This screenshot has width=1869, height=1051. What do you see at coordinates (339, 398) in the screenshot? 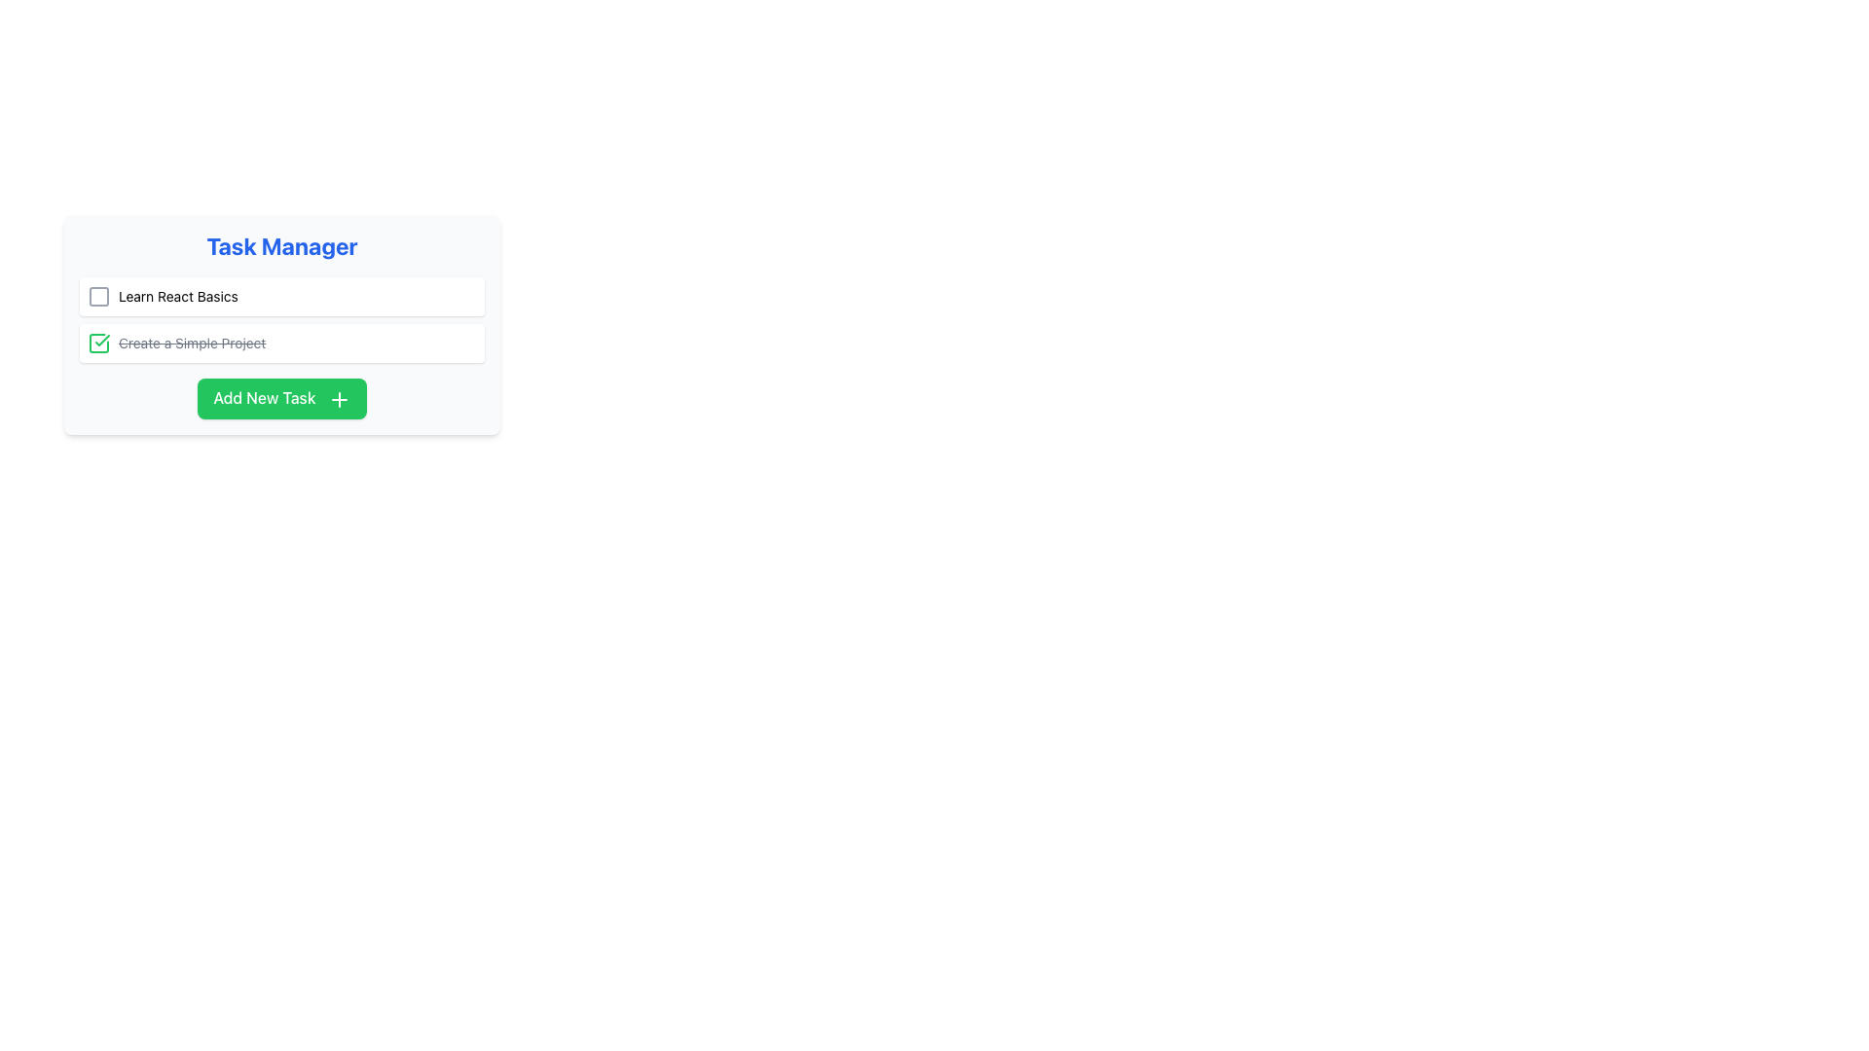
I see `the green circular button with a white plus icon located at the bottom-right corner of the 'Add New Task' button` at bounding box center [339, 398].